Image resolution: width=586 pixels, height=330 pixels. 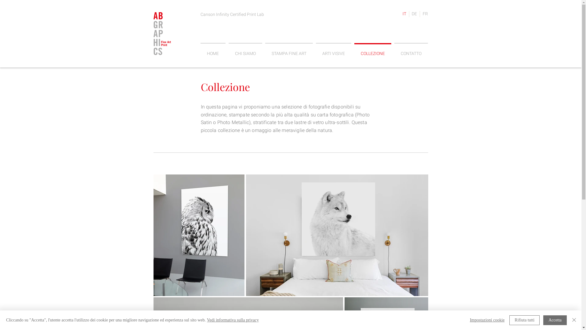 I want to click on 'HOME', so click(x=213, y=50).